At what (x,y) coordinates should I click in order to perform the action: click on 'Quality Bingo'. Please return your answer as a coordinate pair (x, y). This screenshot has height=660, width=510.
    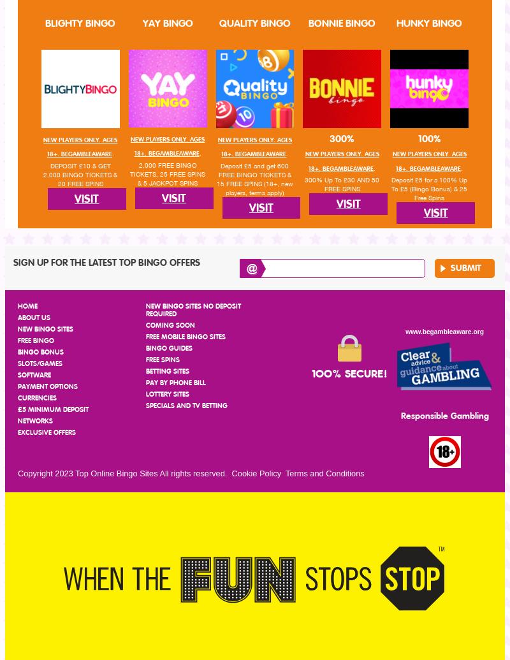
    Looking at the image, I should click on (254, 23).